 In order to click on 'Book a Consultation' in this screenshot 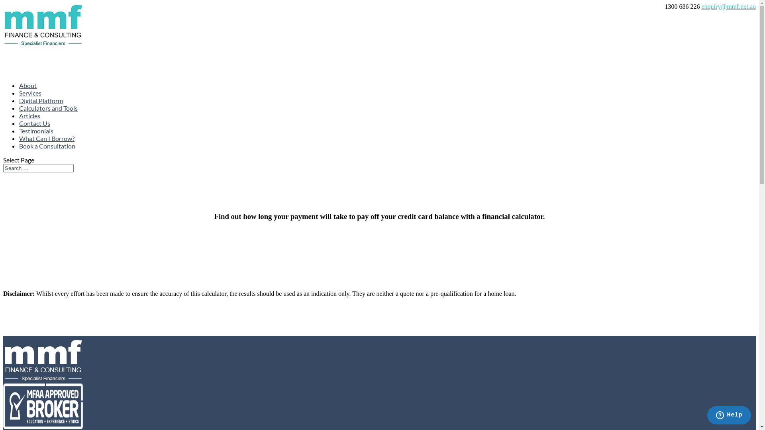, I will do `click(47, 158)`.